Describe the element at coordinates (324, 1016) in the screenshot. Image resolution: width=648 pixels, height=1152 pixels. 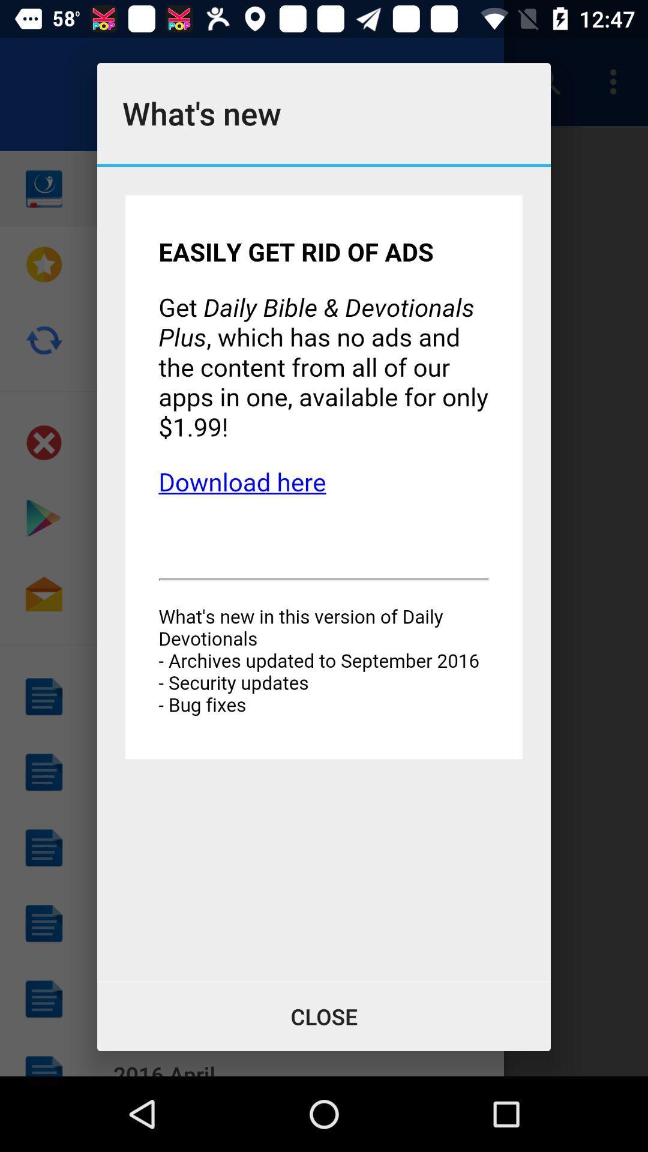
I see `item at the bottom` at that location.